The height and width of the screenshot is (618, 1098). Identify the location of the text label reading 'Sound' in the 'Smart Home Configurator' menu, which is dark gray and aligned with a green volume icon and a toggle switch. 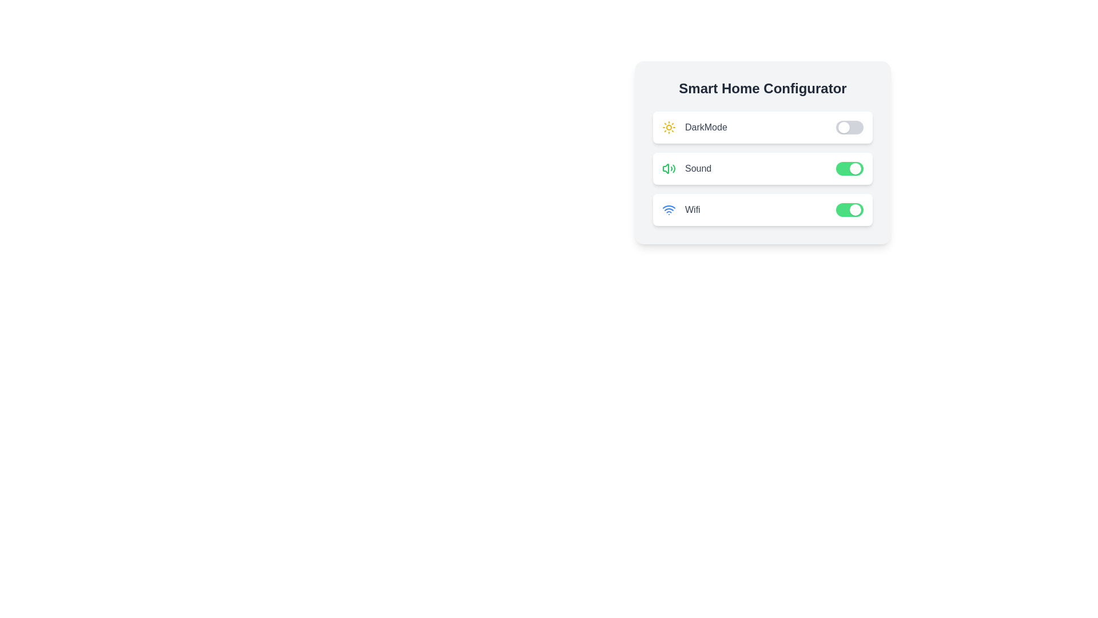
(698, 168).